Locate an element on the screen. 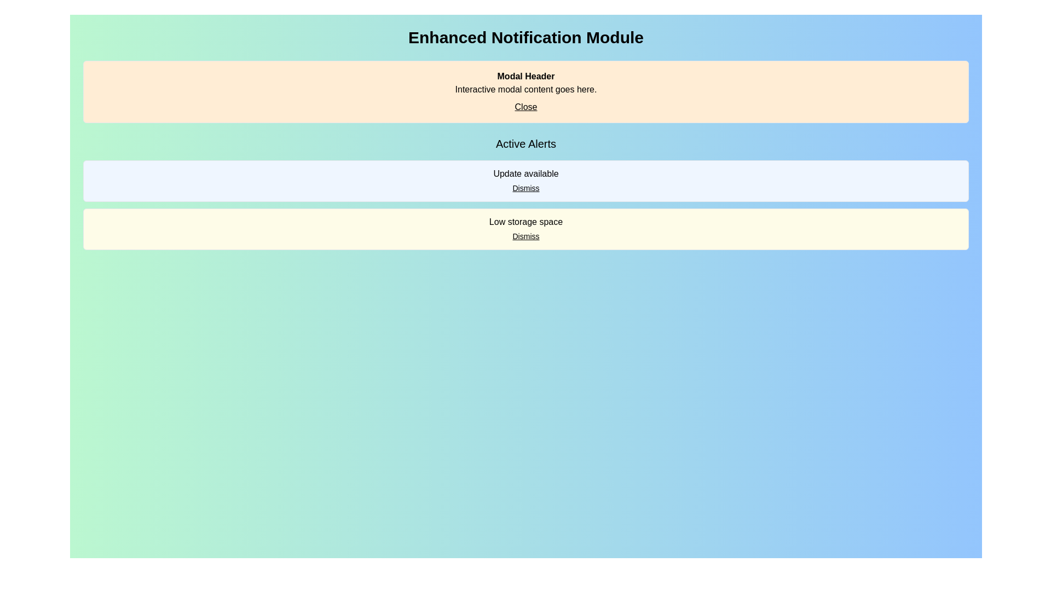 The height and width of the screenshot is (591, 1051). the Text Label that provides a description for the modal, located below the 'Modal Header' and above the 'Close' hyperlink is located at coordinates (525, 89).